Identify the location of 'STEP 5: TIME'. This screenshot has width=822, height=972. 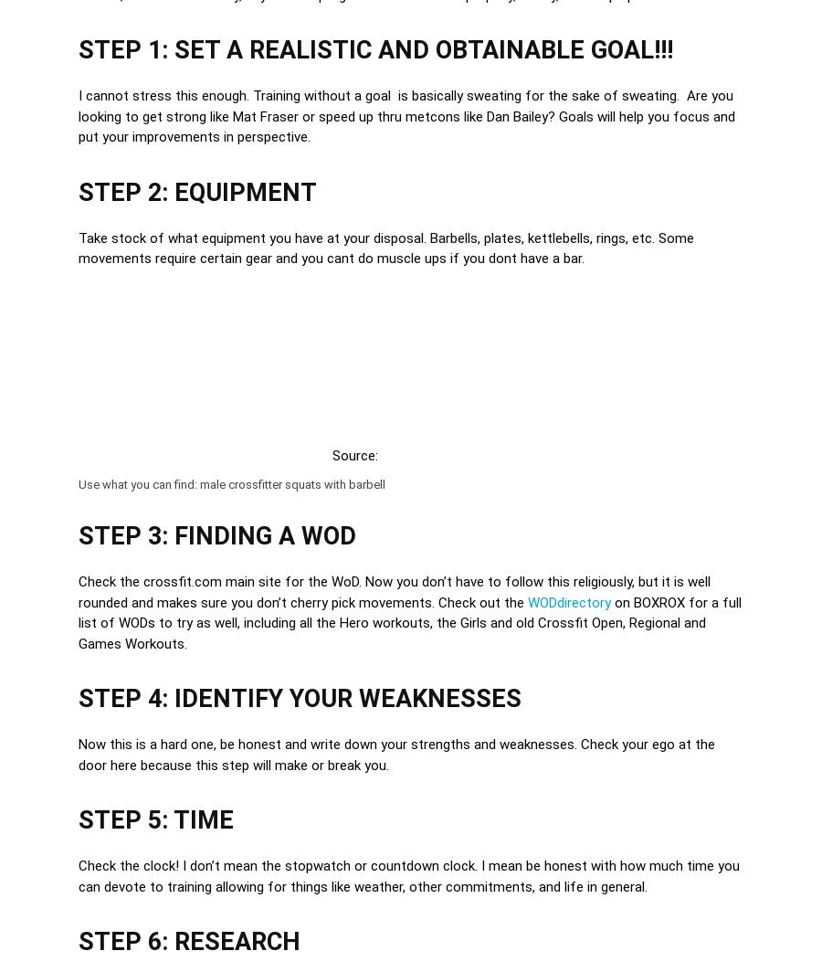
(156, 820).